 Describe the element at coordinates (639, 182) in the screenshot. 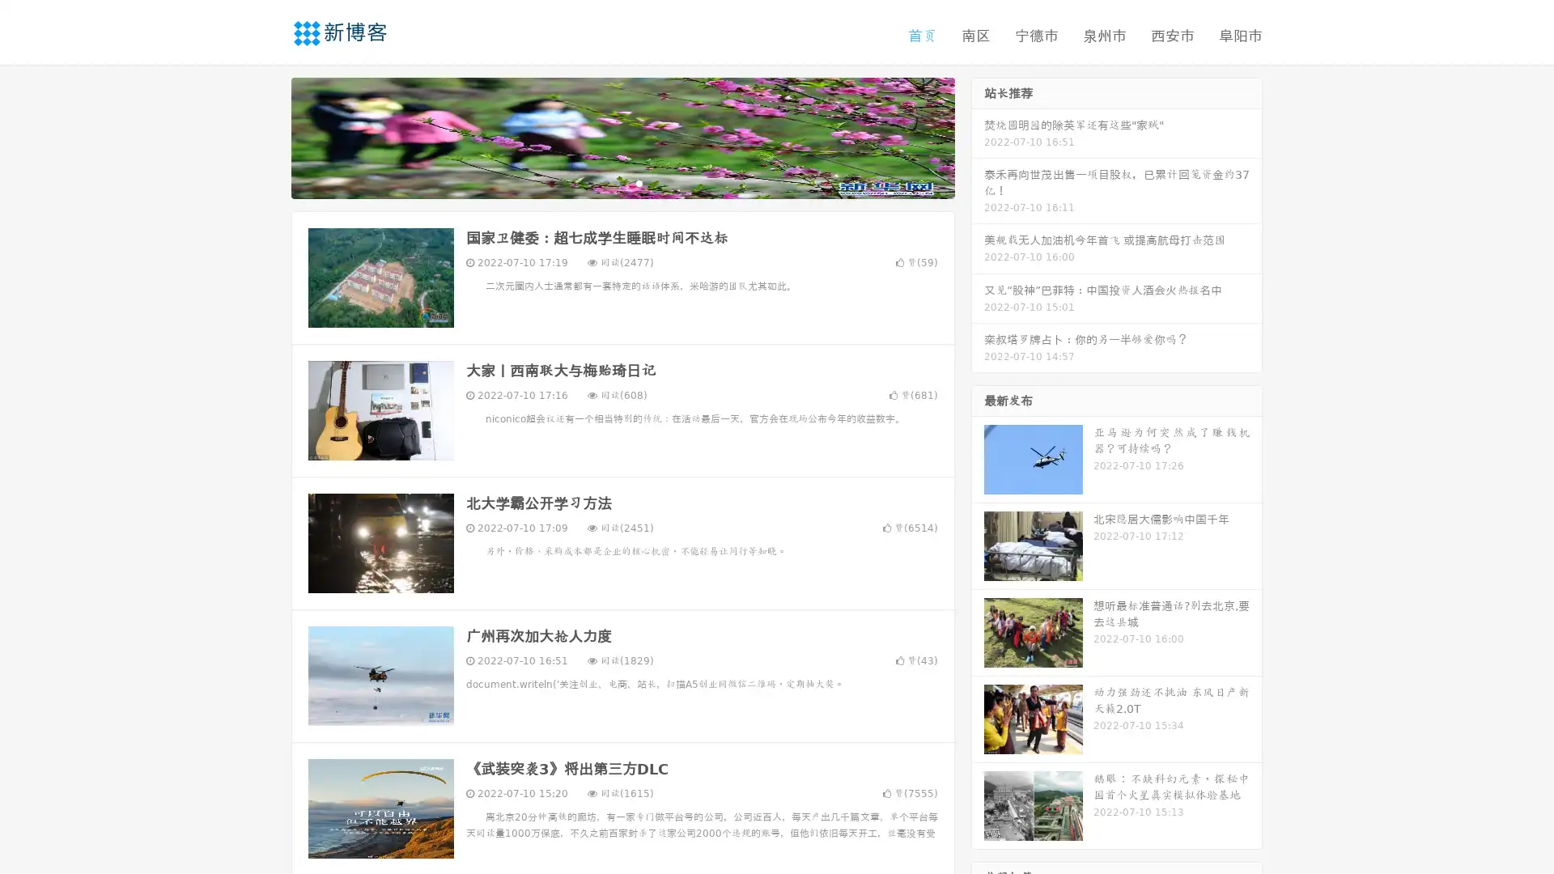

I see `Go to slide 3` at that location.